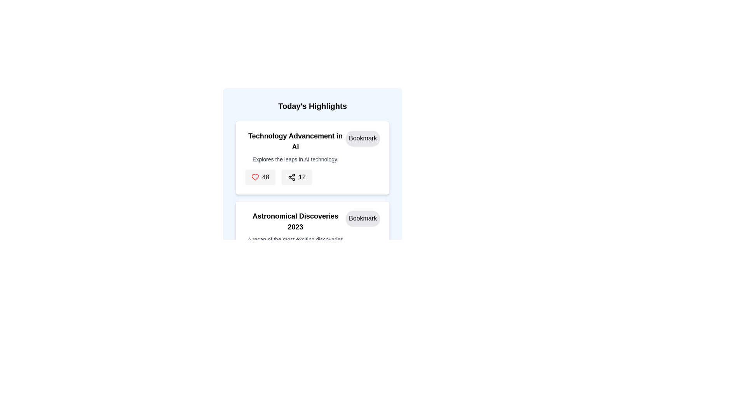 The image size is (746, 420). Describe the element at coordinates (312, 157) in the screenshot. I see `the like button on the Content card titled 'Technology Advancement in AI' to like the post` at that location.